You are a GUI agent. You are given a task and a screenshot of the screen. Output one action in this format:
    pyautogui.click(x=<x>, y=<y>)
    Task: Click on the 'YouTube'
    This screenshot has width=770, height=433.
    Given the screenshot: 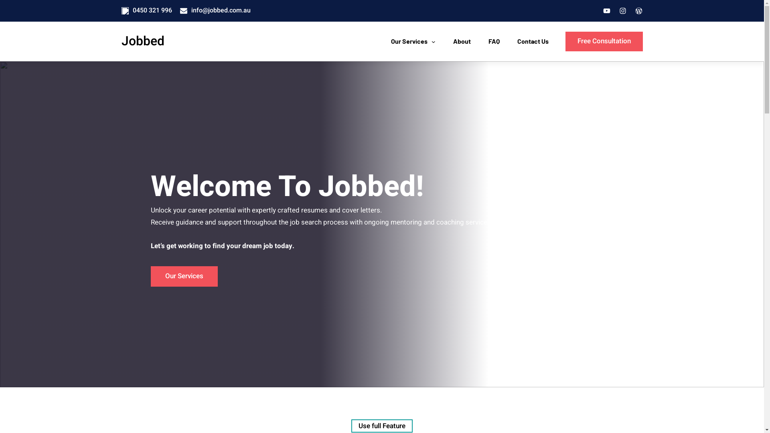 What is the action you would take?
    pyautogui.click(x=606, y=11)
    